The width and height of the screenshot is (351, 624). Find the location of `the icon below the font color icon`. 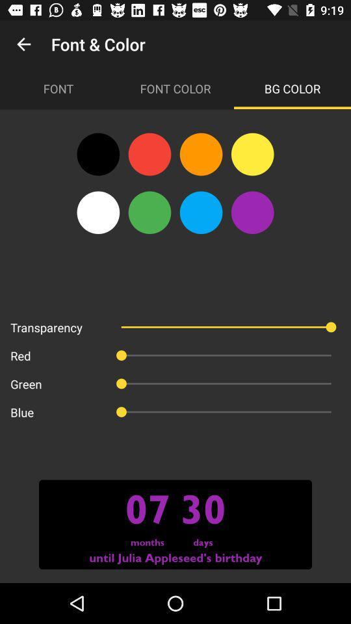

the icon below the font color icon is located at coordinates (252, 154).